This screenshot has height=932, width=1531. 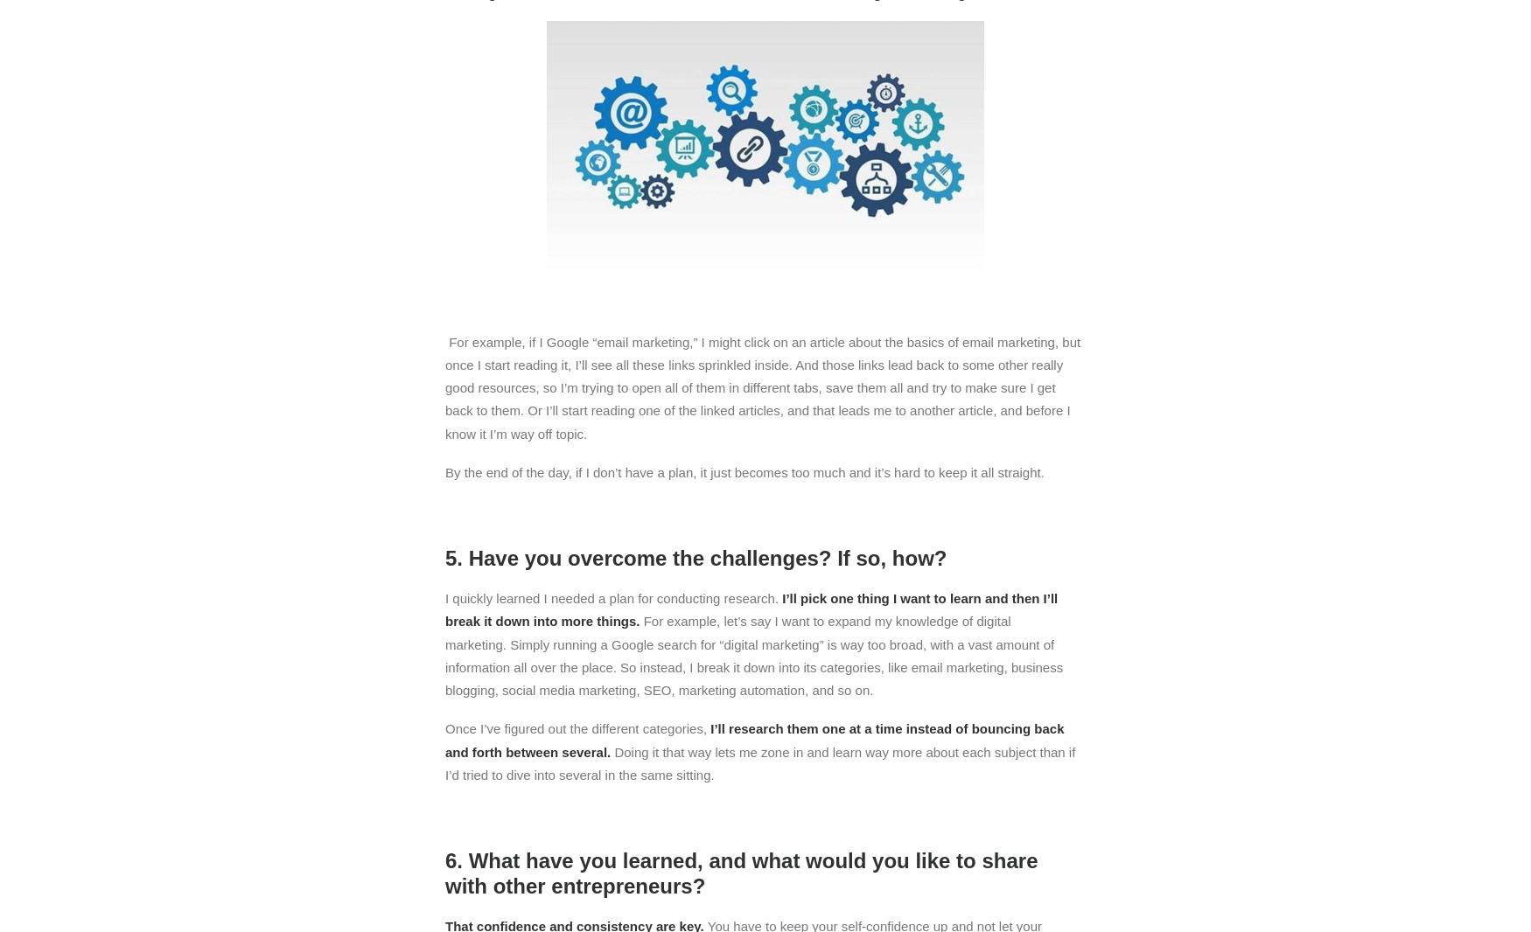 I want to click on 'Doing it that way lets me zone in and learn way more about each subject than if I’d tried to dive into several in the same sitting.', so click(x=760, y=762).